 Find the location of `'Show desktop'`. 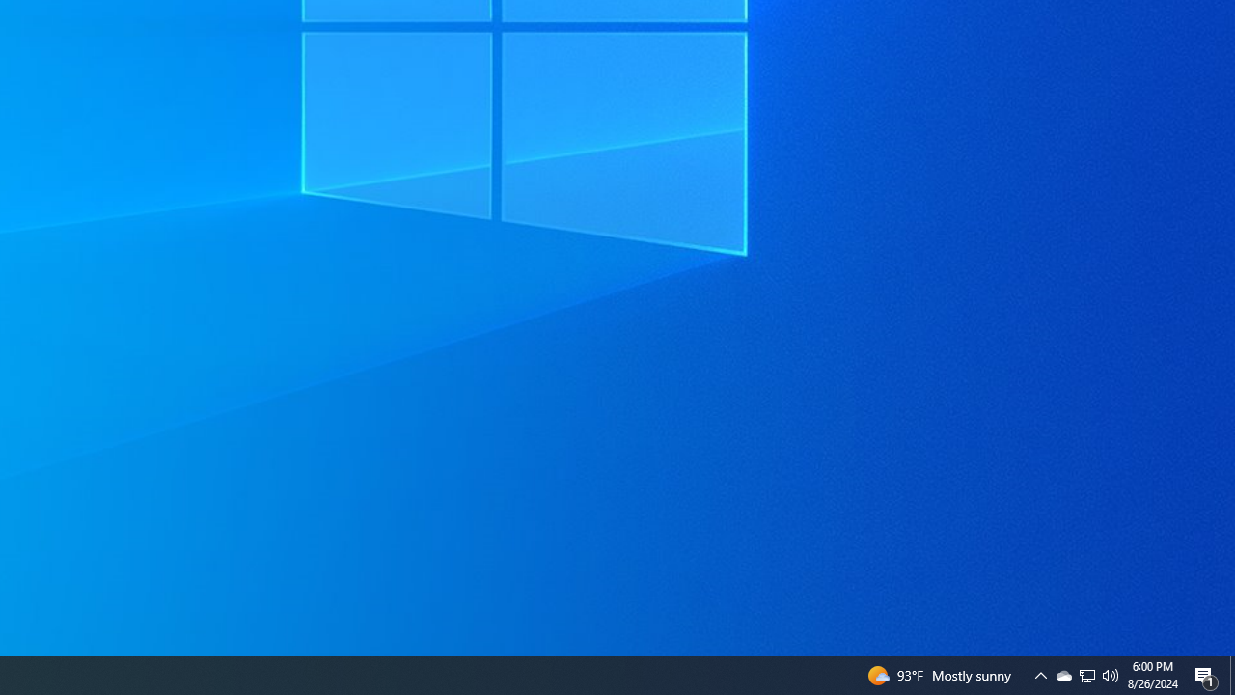

'Show desktop' is located at coordinates (1231, 674).